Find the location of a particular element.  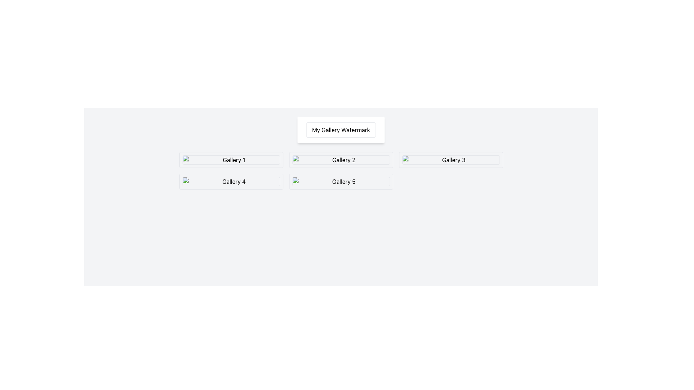

the Gallery 4 card in the grid layout is located at coordinates (231, 181).